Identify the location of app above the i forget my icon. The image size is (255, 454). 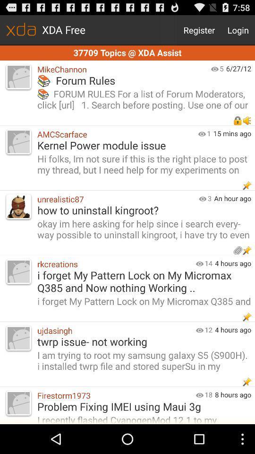
(208, 263).